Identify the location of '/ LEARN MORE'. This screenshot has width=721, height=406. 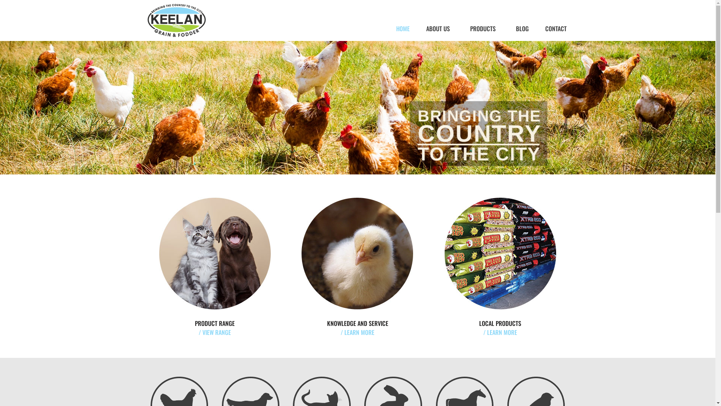
(357, 332).